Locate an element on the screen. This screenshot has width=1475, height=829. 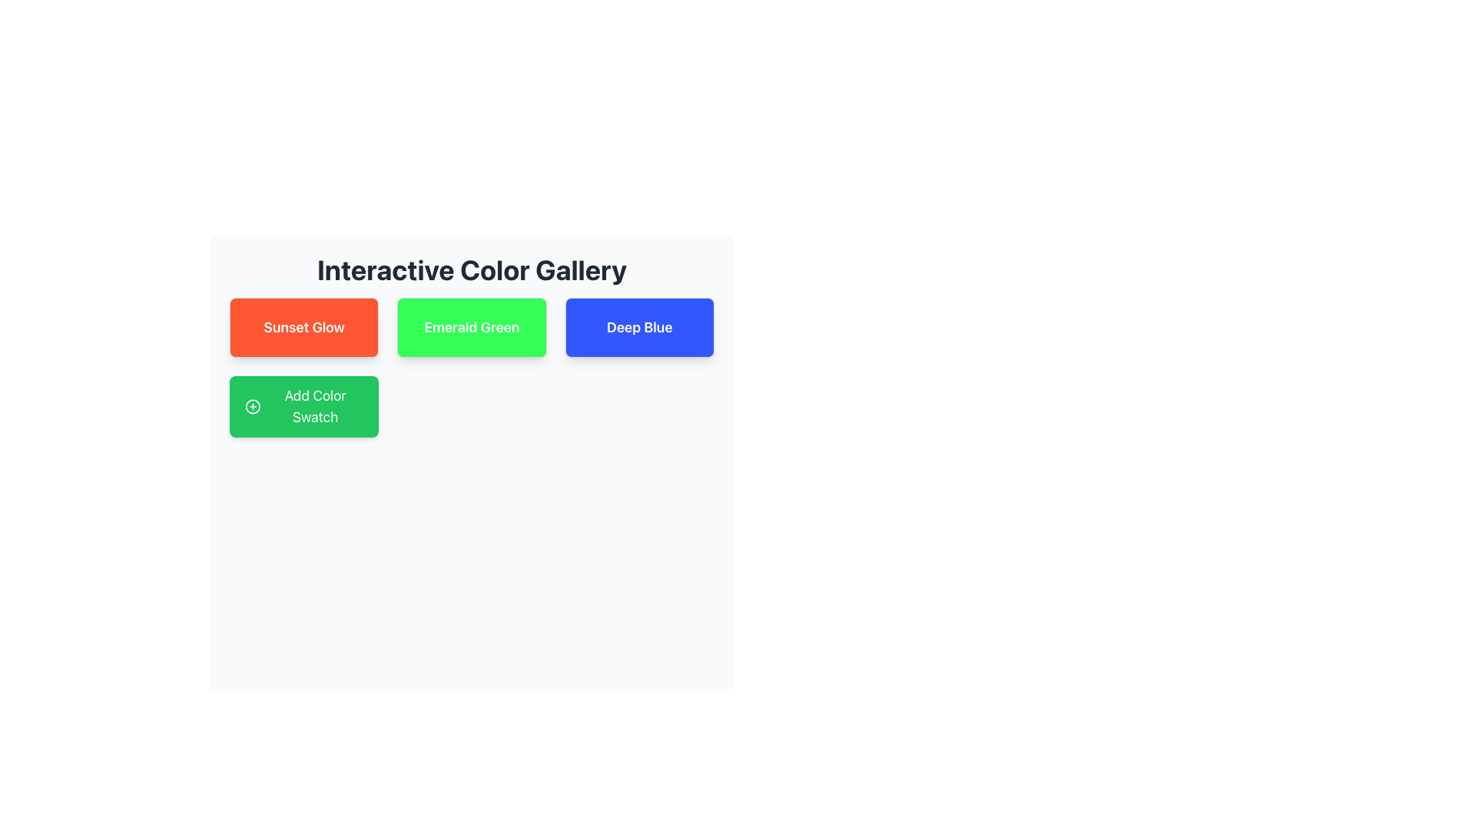
the static visual card labeled 'Deep Blue' in the 'Interactive Color Gallery', which is the rightmost card in the row of three color cards is located at coordinates (639, 327).